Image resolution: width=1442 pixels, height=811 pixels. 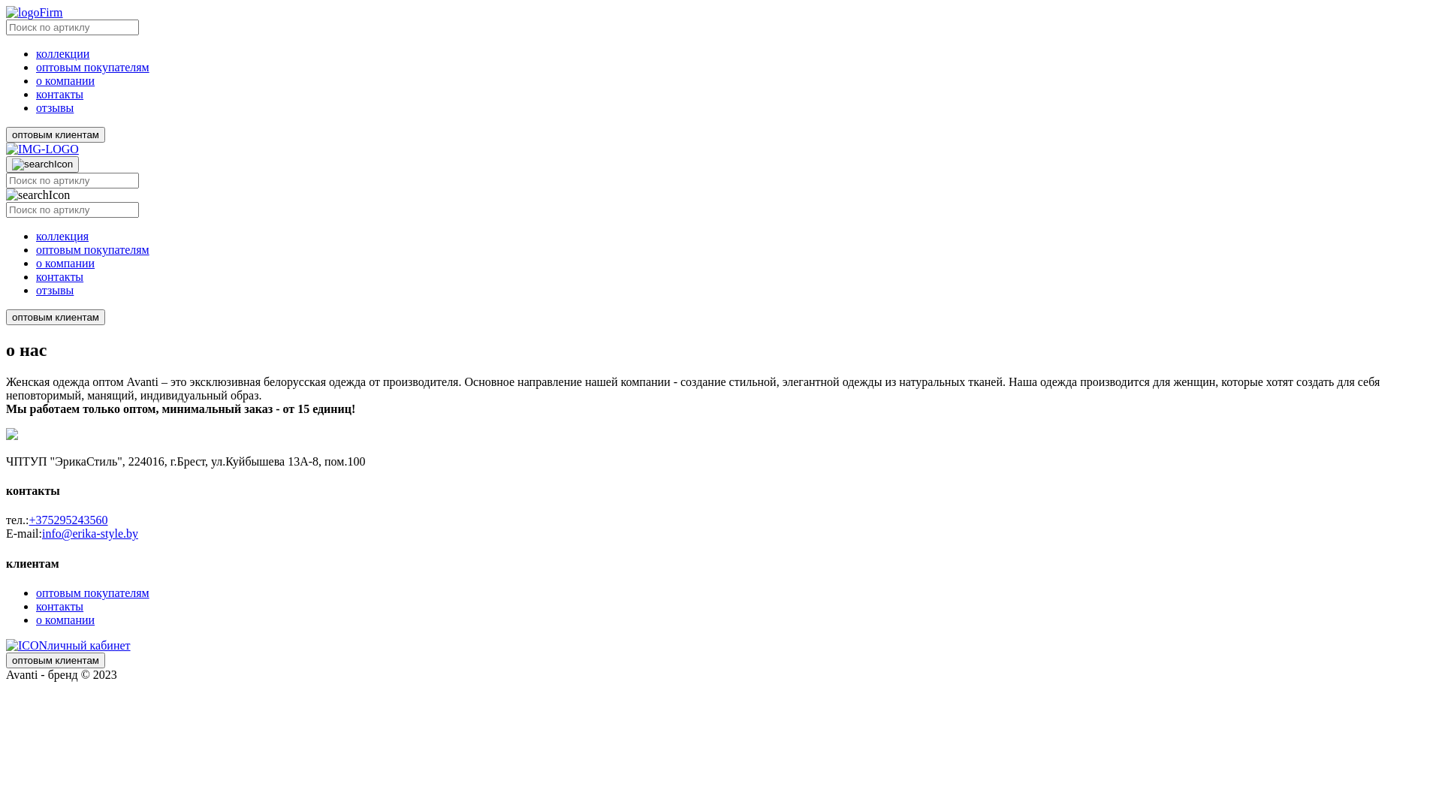 What do you see at coordinates (42, 532) in the screenshot?
I see `'info@erika-style.by'` at bounding box center [42, 532].